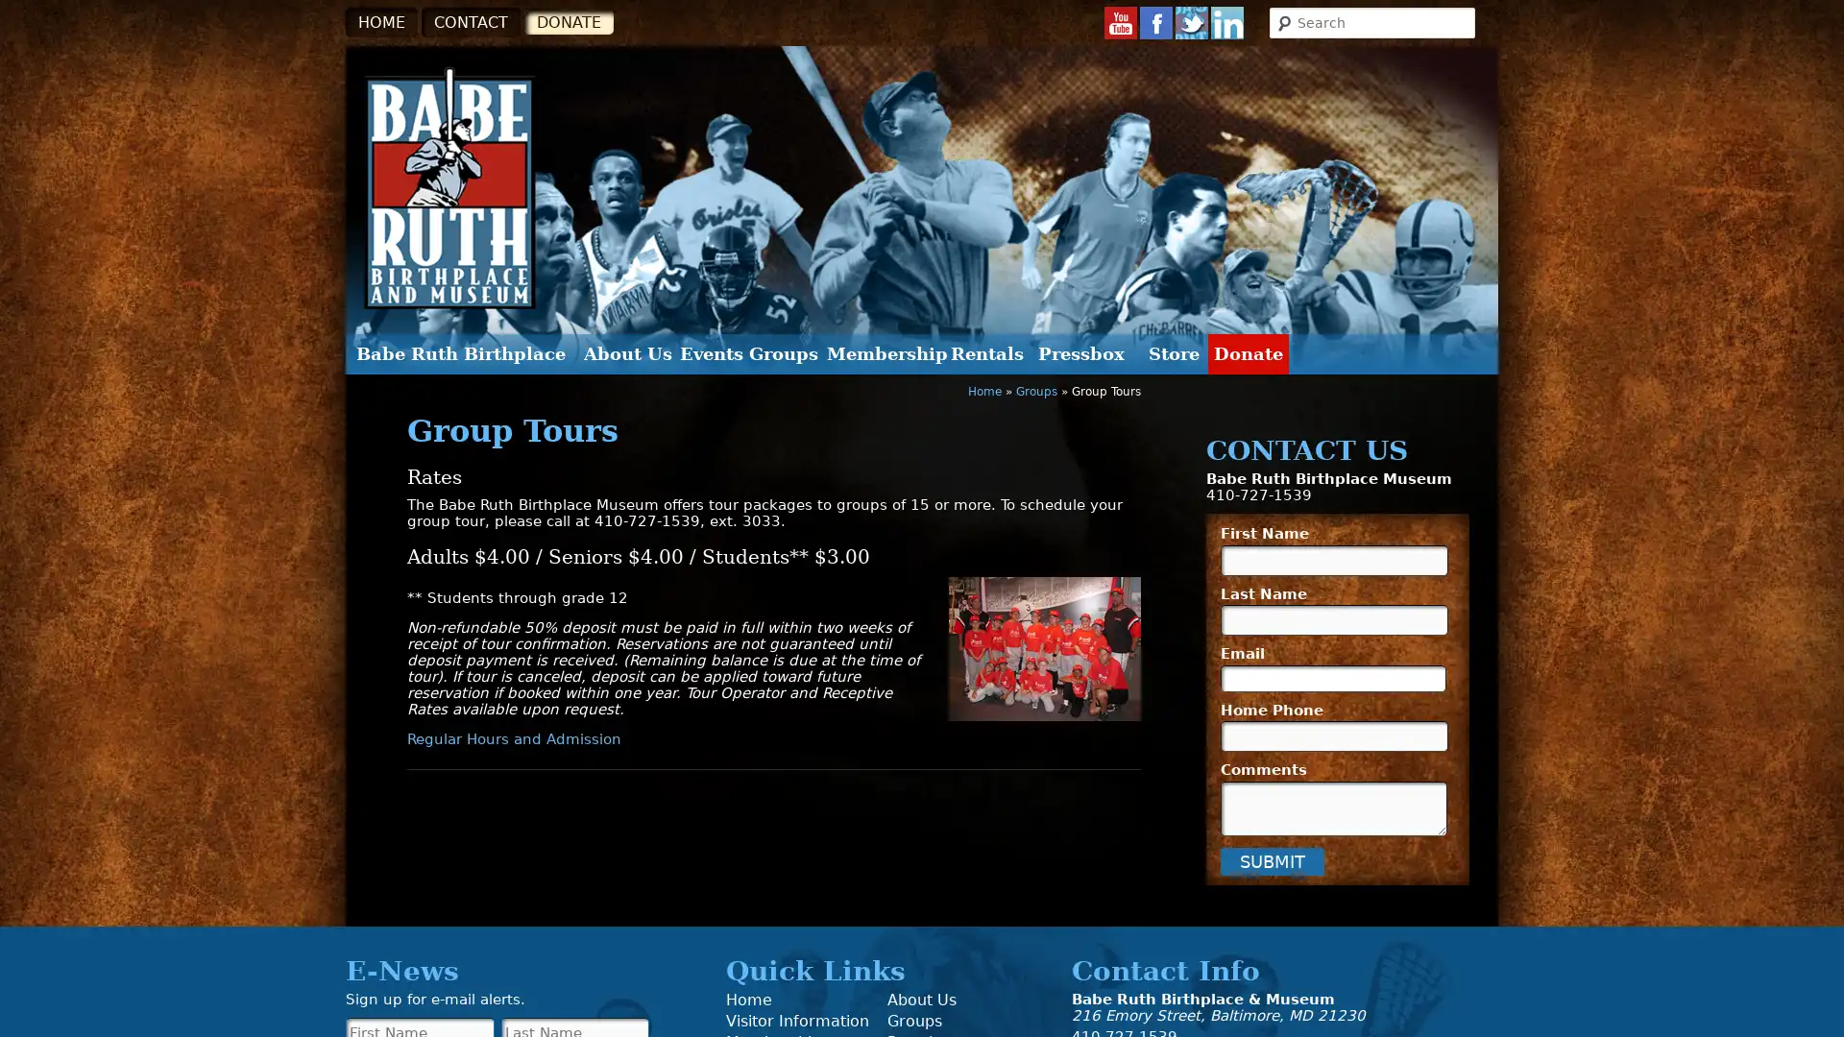 This screenshot has height=1037, width=1844. Describe the element at coordinates (1272, 859) in the screenshot. I see `SUBMIT` at that location.